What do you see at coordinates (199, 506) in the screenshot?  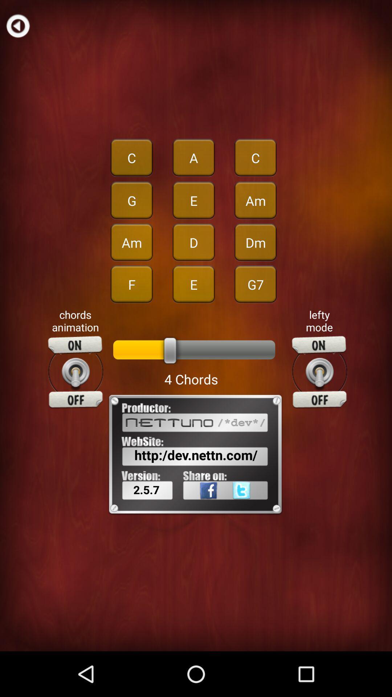 I see `the item to the right of 2.5.7 app` at bounding box center [199, 506].